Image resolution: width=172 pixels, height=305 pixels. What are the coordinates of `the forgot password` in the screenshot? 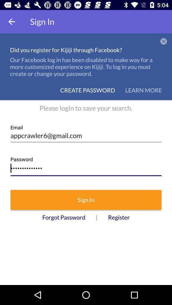 It's located at (64, 217).